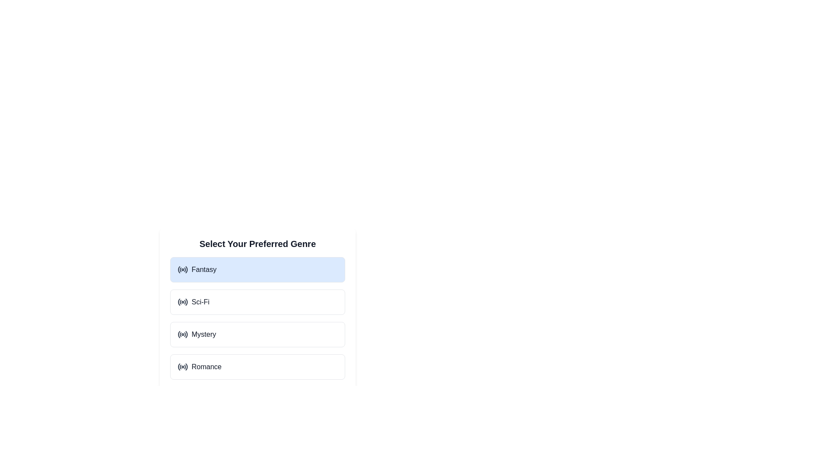 The height and width of the screenshot is (473, 840). I want to click on the static text label or heading that serves as an instruction for users, located at the top center of the panel above the genre buttons, so click(257, 244).